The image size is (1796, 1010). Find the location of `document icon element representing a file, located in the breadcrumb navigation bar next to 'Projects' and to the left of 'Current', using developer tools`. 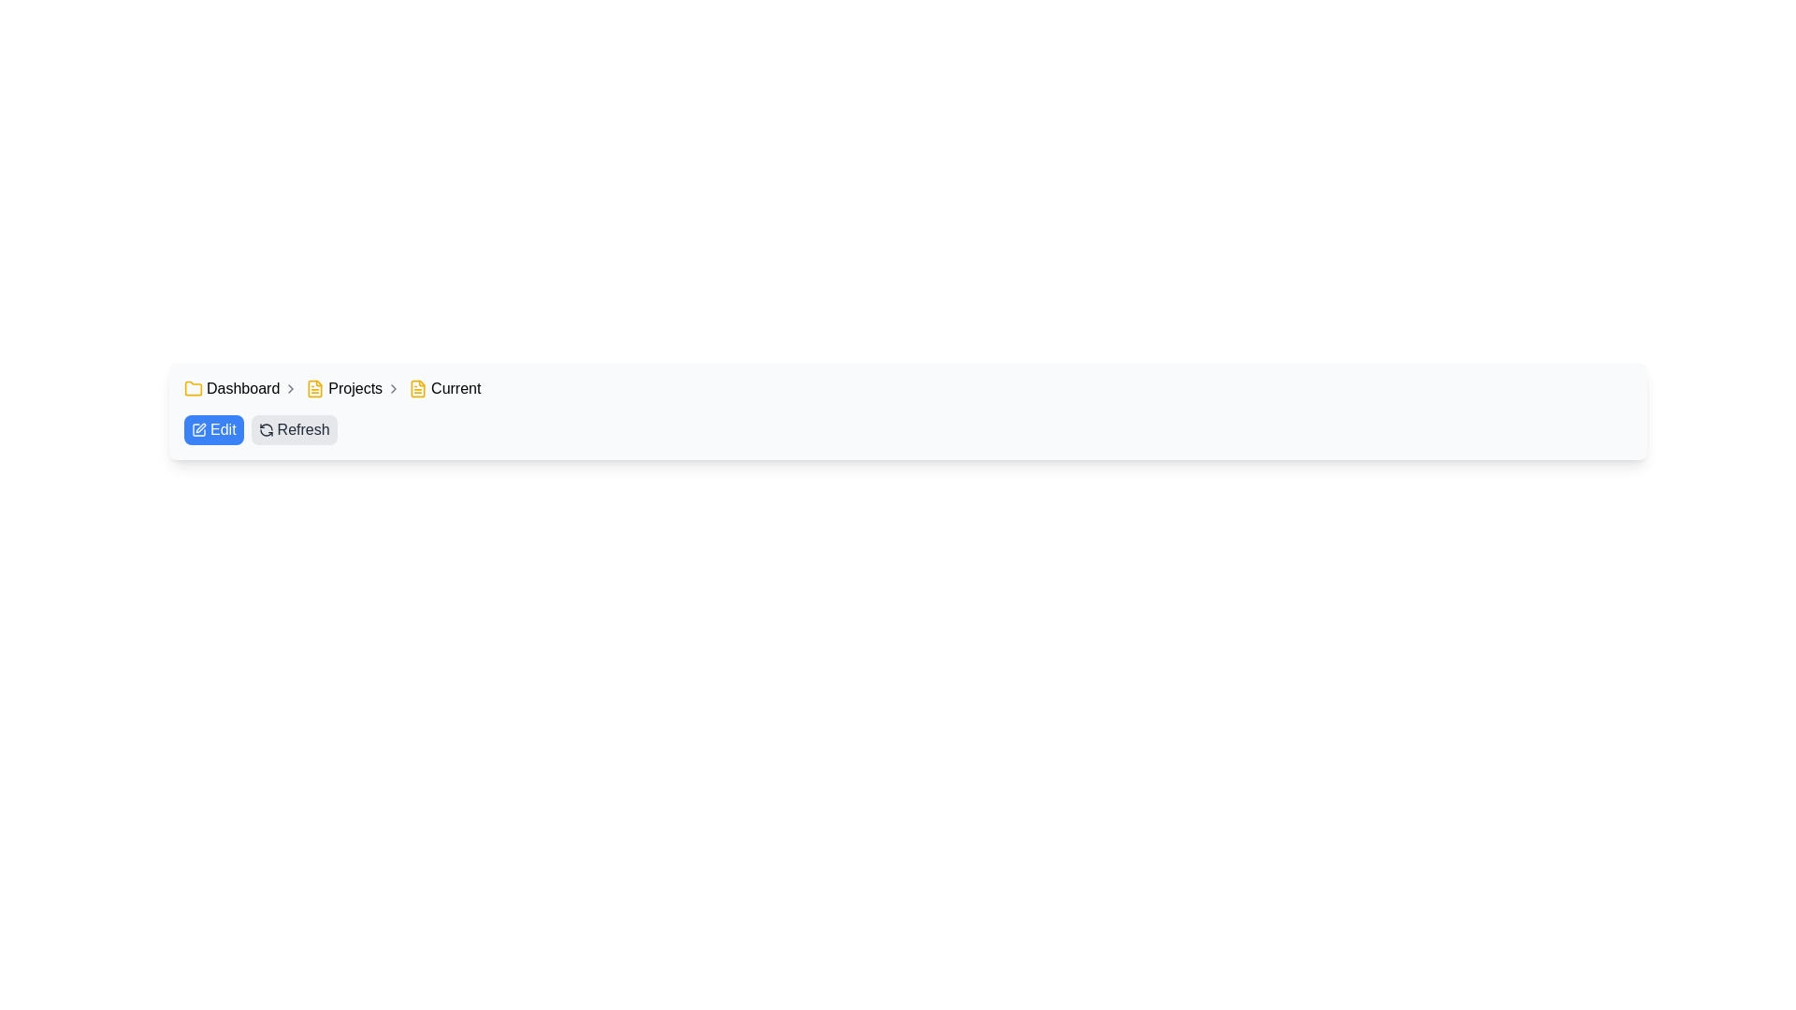

document icon element representing a file, located in the breadcrumb navigation bar next to 'Projects' and to the left of 'Current', using developer tools is located at coordinates (417, 388).